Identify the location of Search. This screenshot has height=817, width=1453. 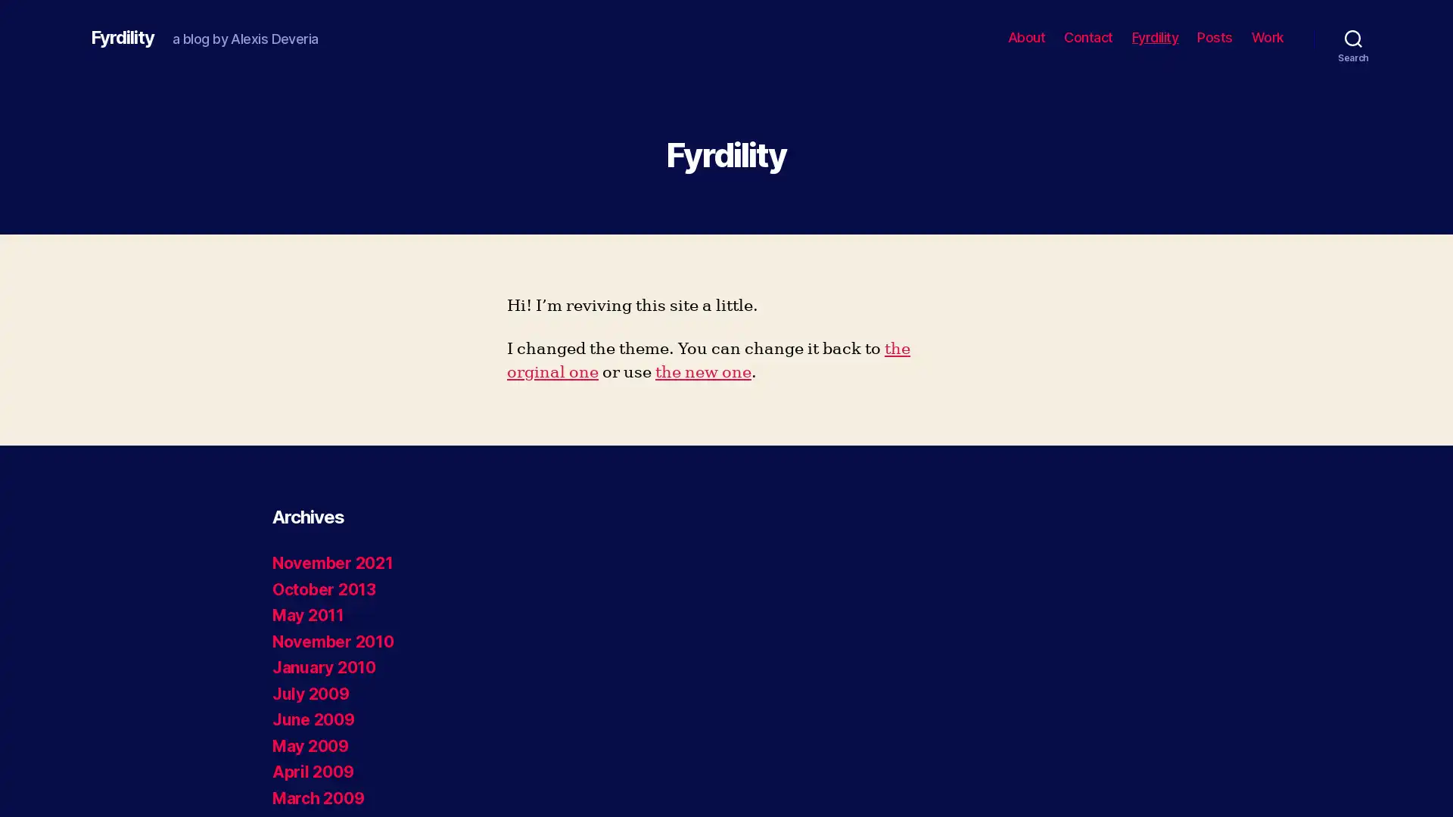
(1353, 37).